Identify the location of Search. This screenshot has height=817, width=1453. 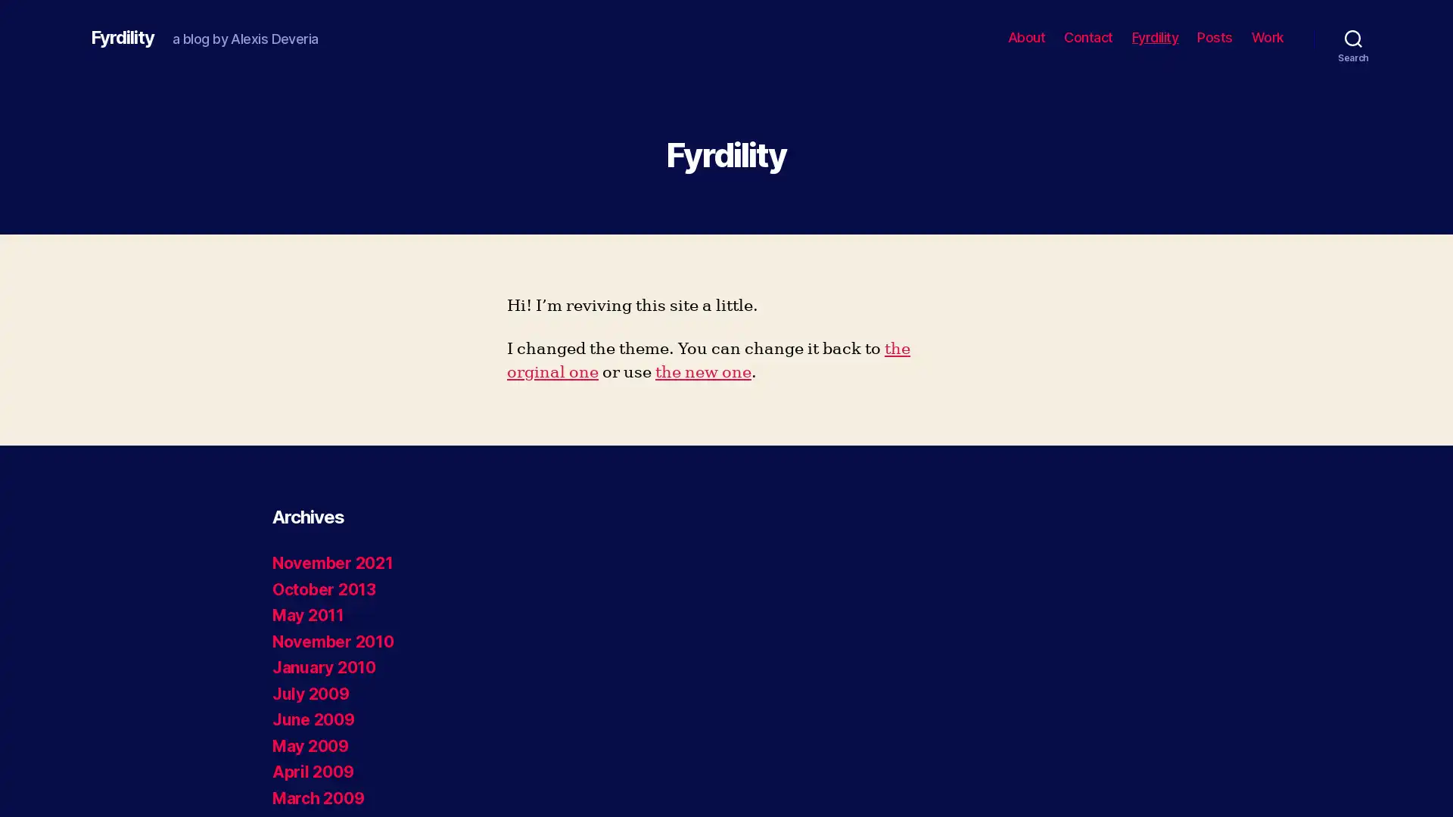
(1353, 37).